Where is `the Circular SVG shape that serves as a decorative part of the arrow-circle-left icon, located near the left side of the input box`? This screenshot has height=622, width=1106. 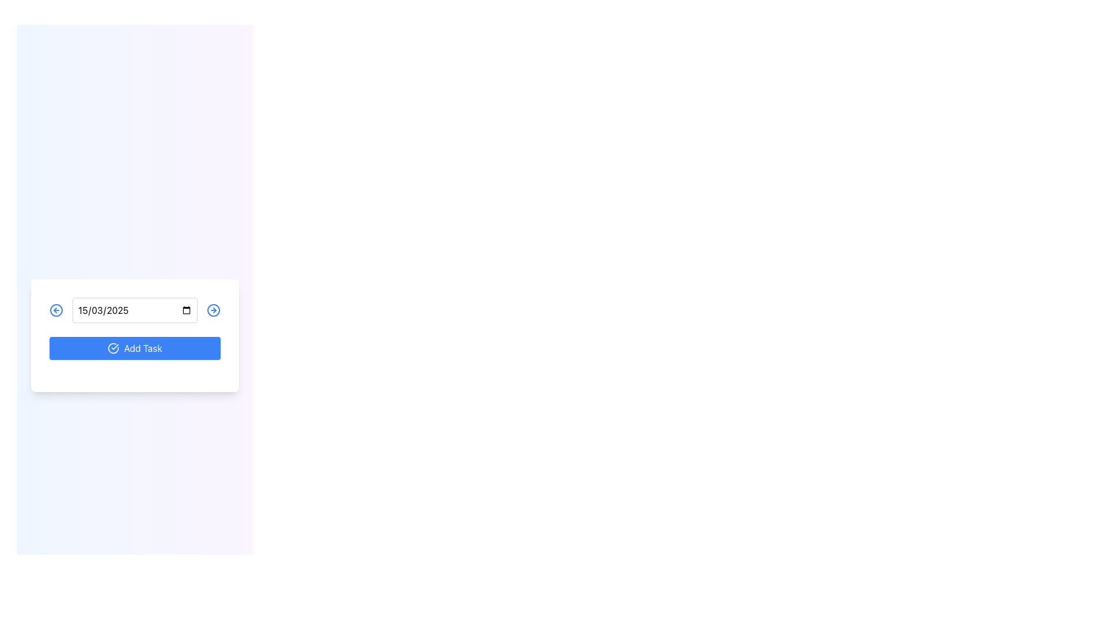
the Circular SVG shape that serves as a decorative part of the arrow-circle-left icon, located near the left side of the input box is located at coordinates (55, 310).